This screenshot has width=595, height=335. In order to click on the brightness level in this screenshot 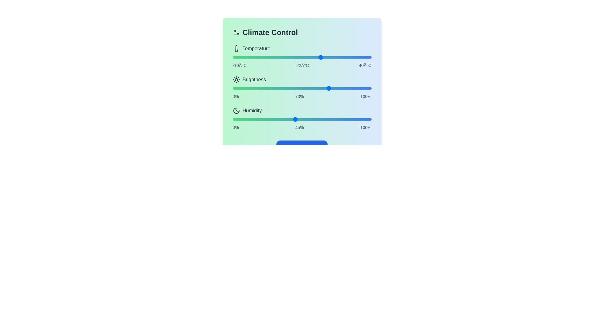, I will do `click(267, 88)`.